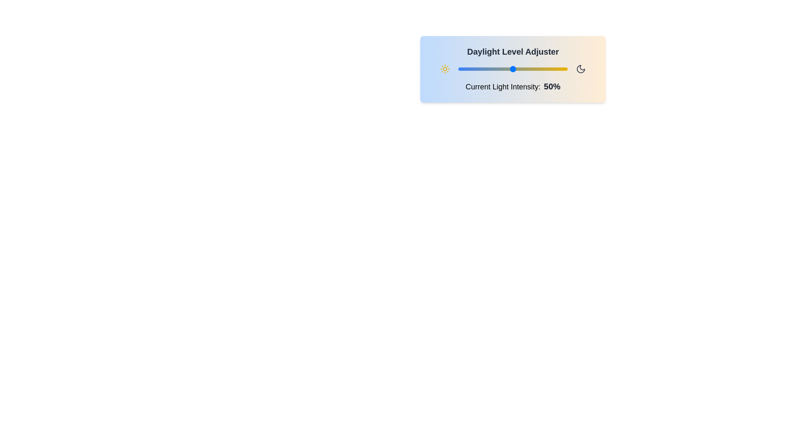 This screenshot has height=447, width=795. What do you see at coordinates (580, 68) in the screenshot?
I see `the Moon icon to switch to night mode` at bounding box center [580, 68].